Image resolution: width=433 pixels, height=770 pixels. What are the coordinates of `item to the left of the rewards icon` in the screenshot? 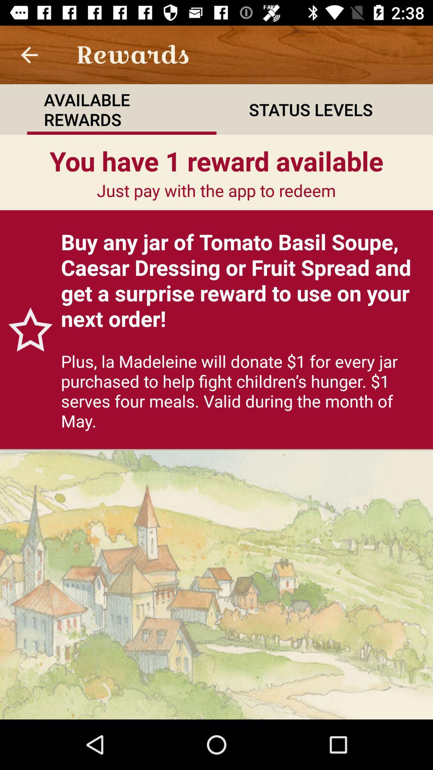 It's located at (29, 54).